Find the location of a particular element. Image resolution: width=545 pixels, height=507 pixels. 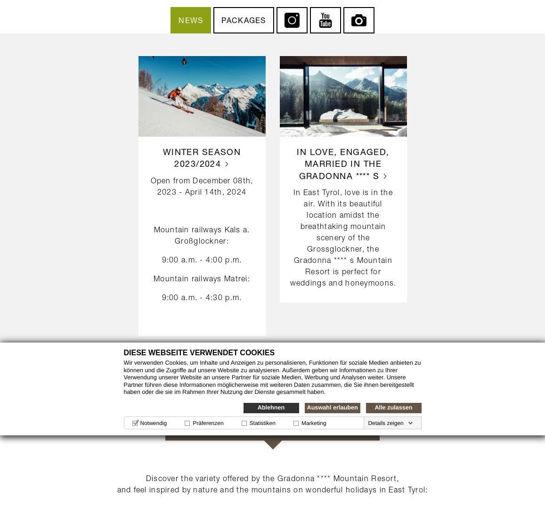

'In love, engaged, married in the Gradonna **** s' is located at coordinates (296, 164).